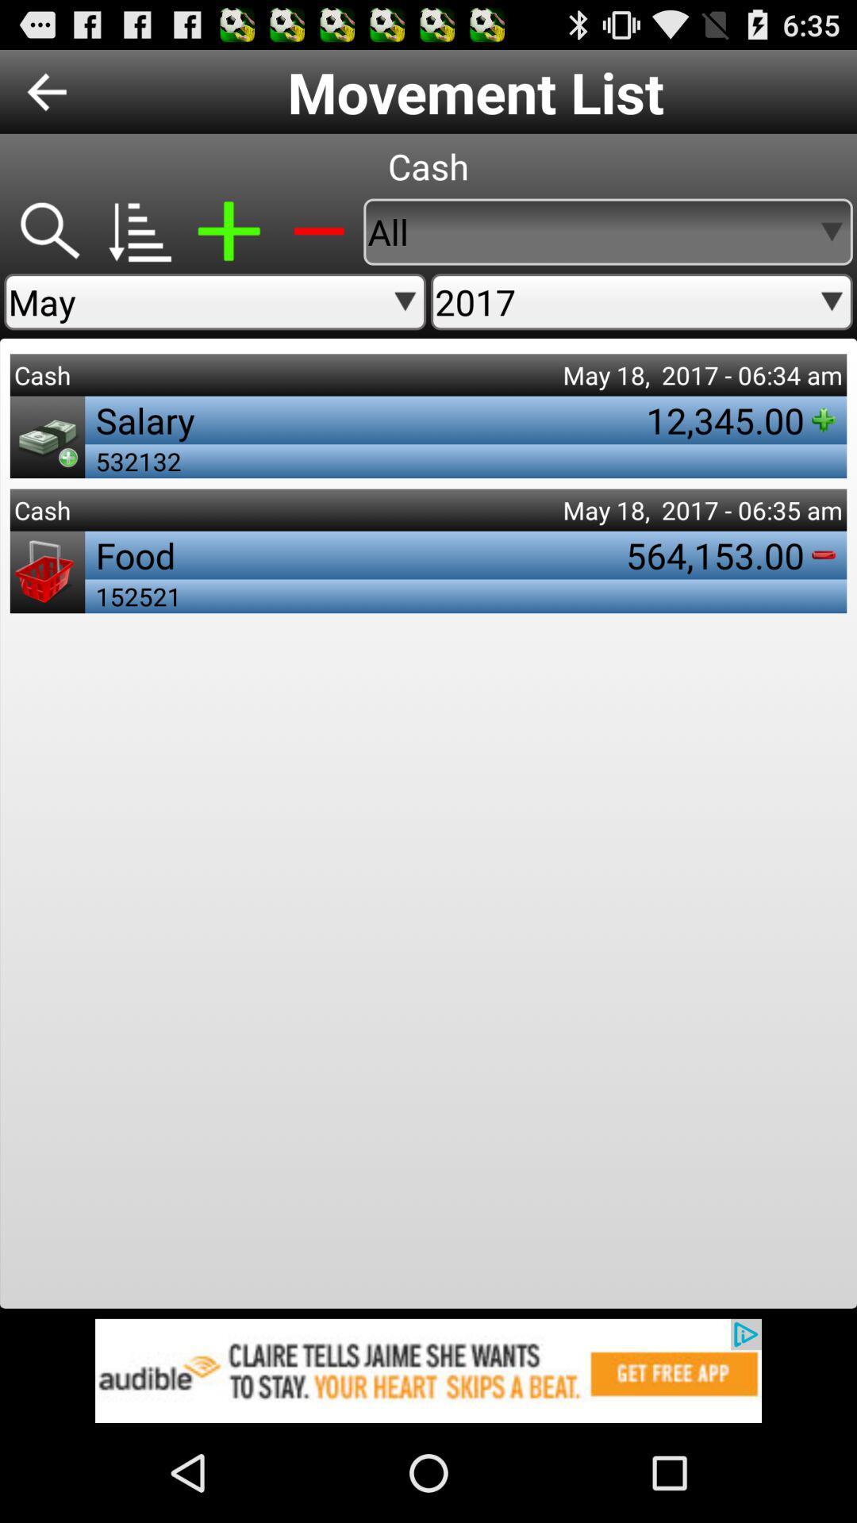  What do you see at coordinates (138, 231) in the screenshot?
I see `list and view options` at bounding box center [138, 231].